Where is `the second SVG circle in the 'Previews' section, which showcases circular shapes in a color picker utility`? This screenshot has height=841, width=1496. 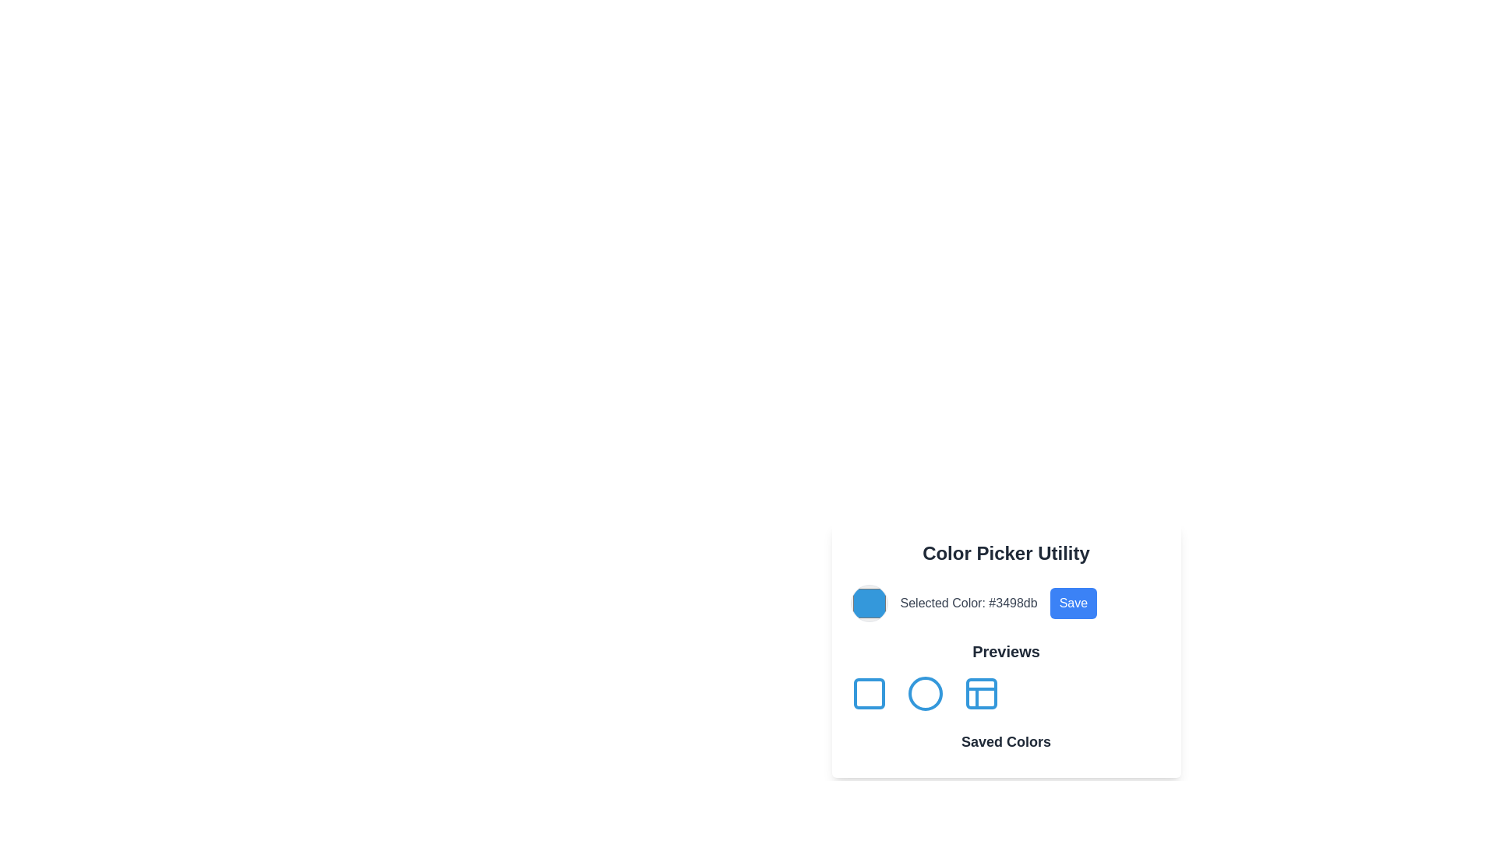
the second SVG circle in the 'Previews' section, which showcases circular shapes in a color picker utility is located at coordinates (925, 693).